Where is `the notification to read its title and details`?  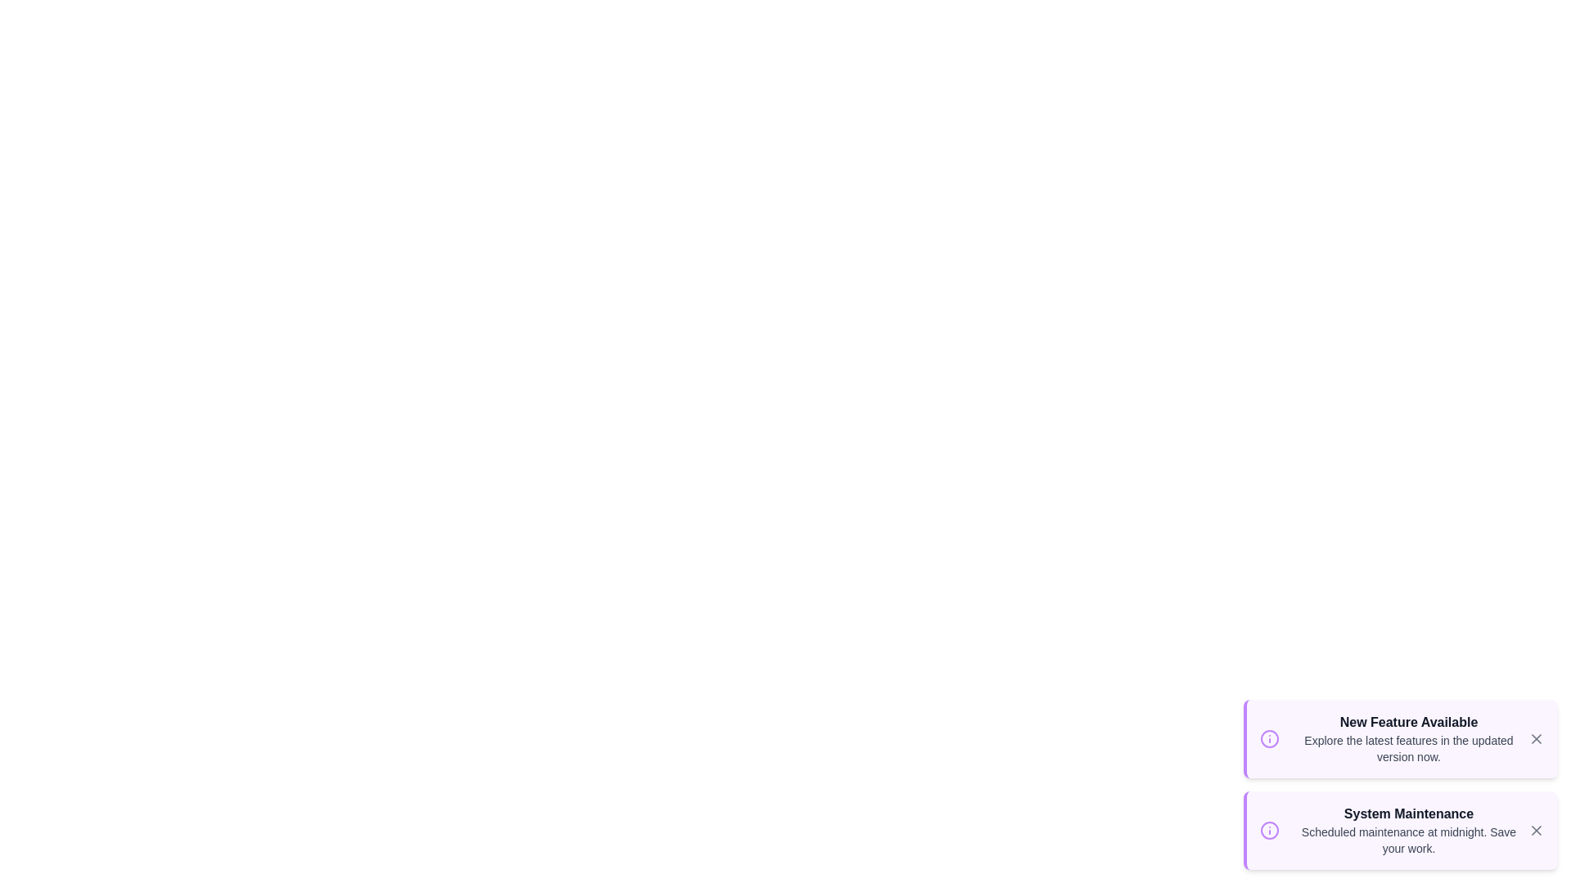 the notification to read its title and details is located at coordinates (1400, 738).